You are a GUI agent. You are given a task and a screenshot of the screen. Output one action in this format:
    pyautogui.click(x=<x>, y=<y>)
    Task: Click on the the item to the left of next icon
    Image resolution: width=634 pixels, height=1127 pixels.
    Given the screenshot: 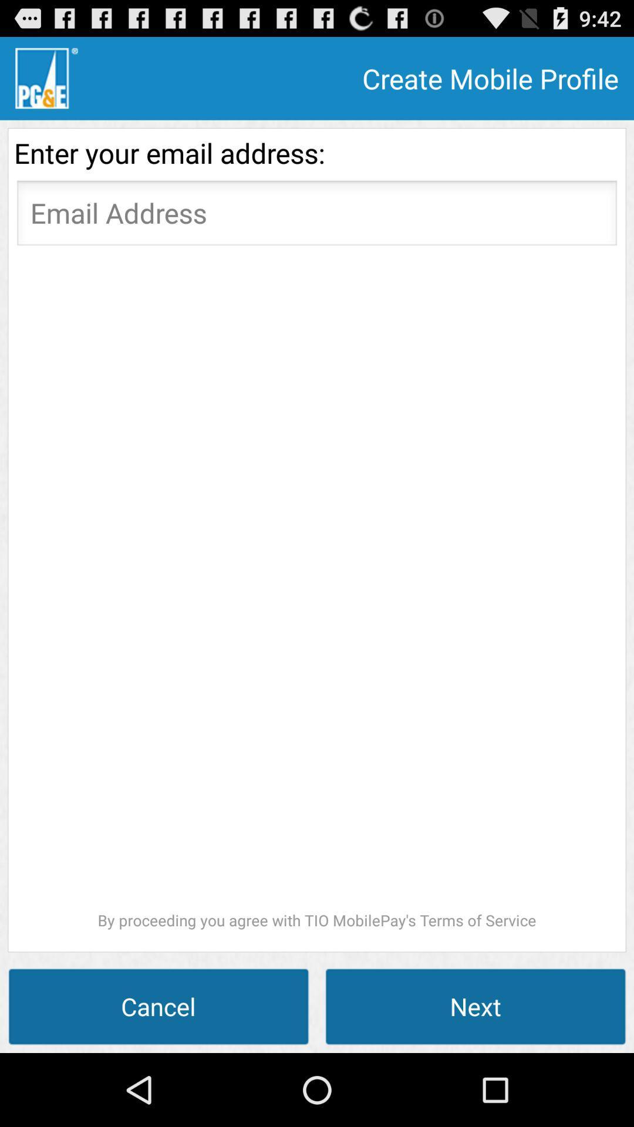 What is the action you would take?
    pyautogui.click(x=158, y=1005)
    